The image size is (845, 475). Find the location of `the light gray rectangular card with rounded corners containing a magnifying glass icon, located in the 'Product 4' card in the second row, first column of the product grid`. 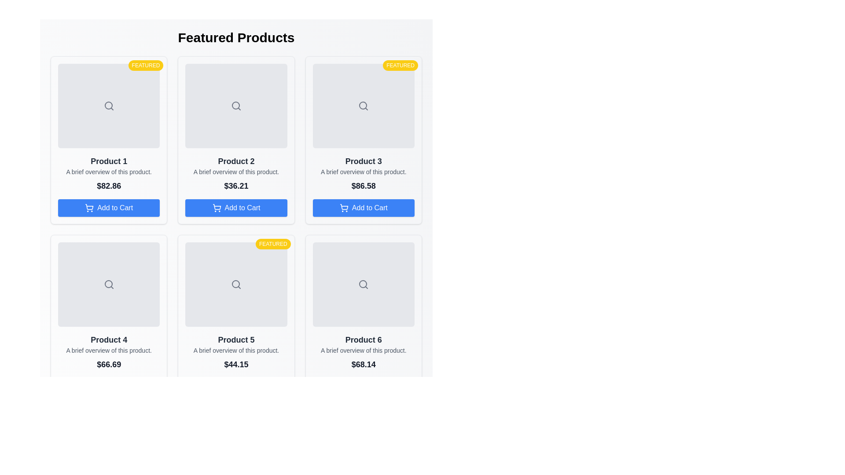

the light gray rectangular card with rounded corners containing a magnifying glass icon, located in the 'Product 4' card in the second row, first column of the product grid is located at coordinates (108, 285).